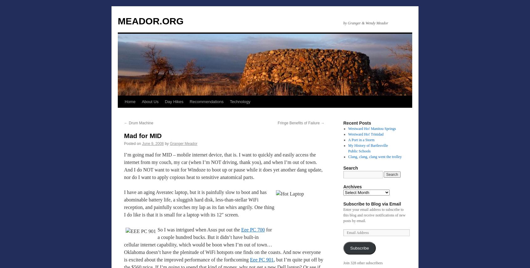 This screenshot has width=530, height=268. What do you see at coordinates (365, 134) in the screenshot?
I see `'Westward Ho! Trinidad'` at bounding box center [365, 134].